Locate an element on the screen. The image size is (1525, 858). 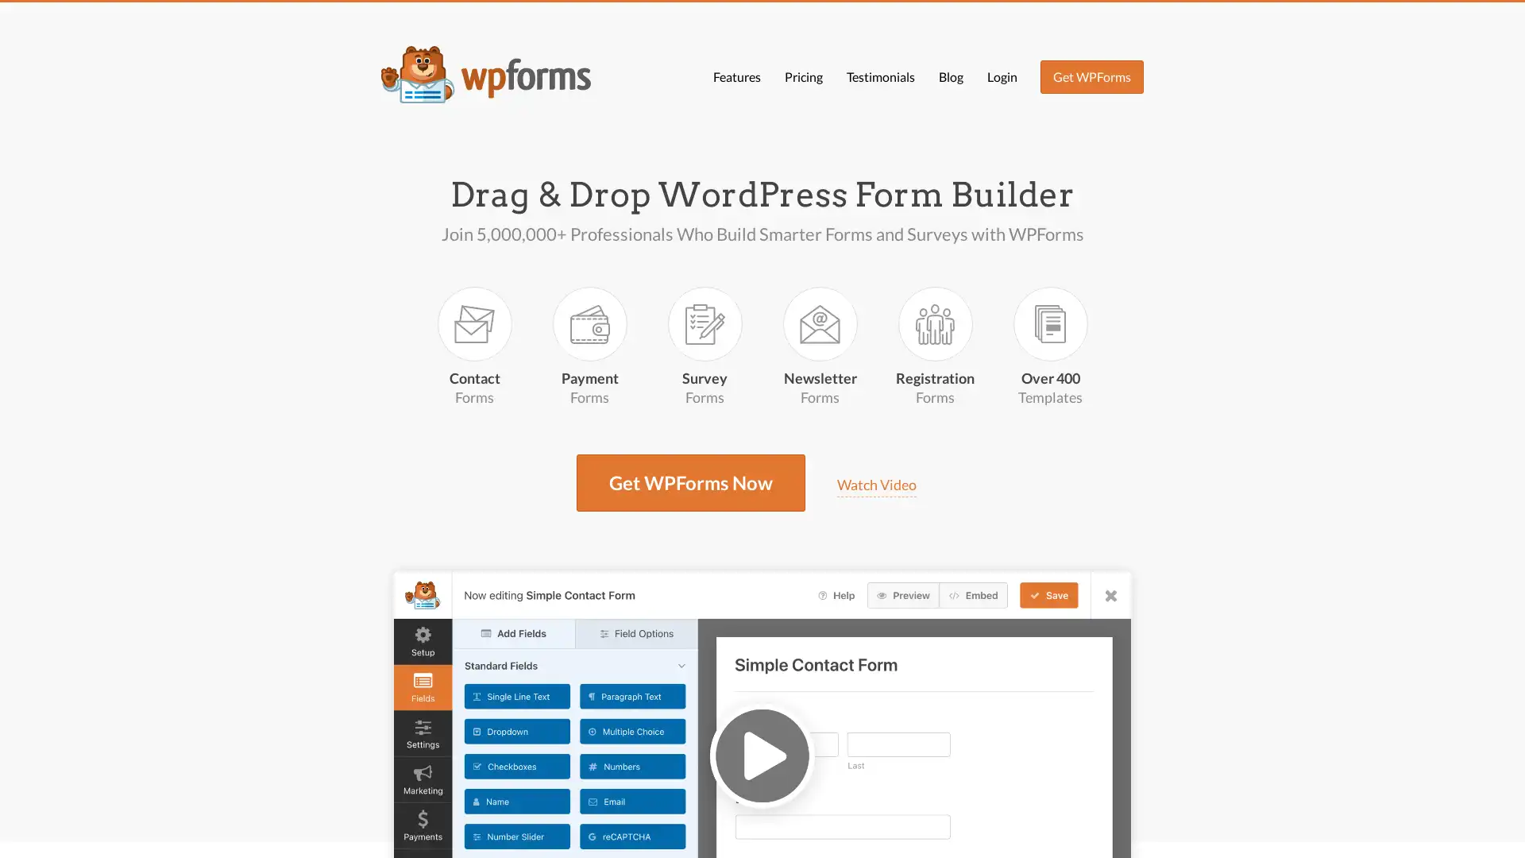
Get WPForms Now is located at coordinates (866, 829).